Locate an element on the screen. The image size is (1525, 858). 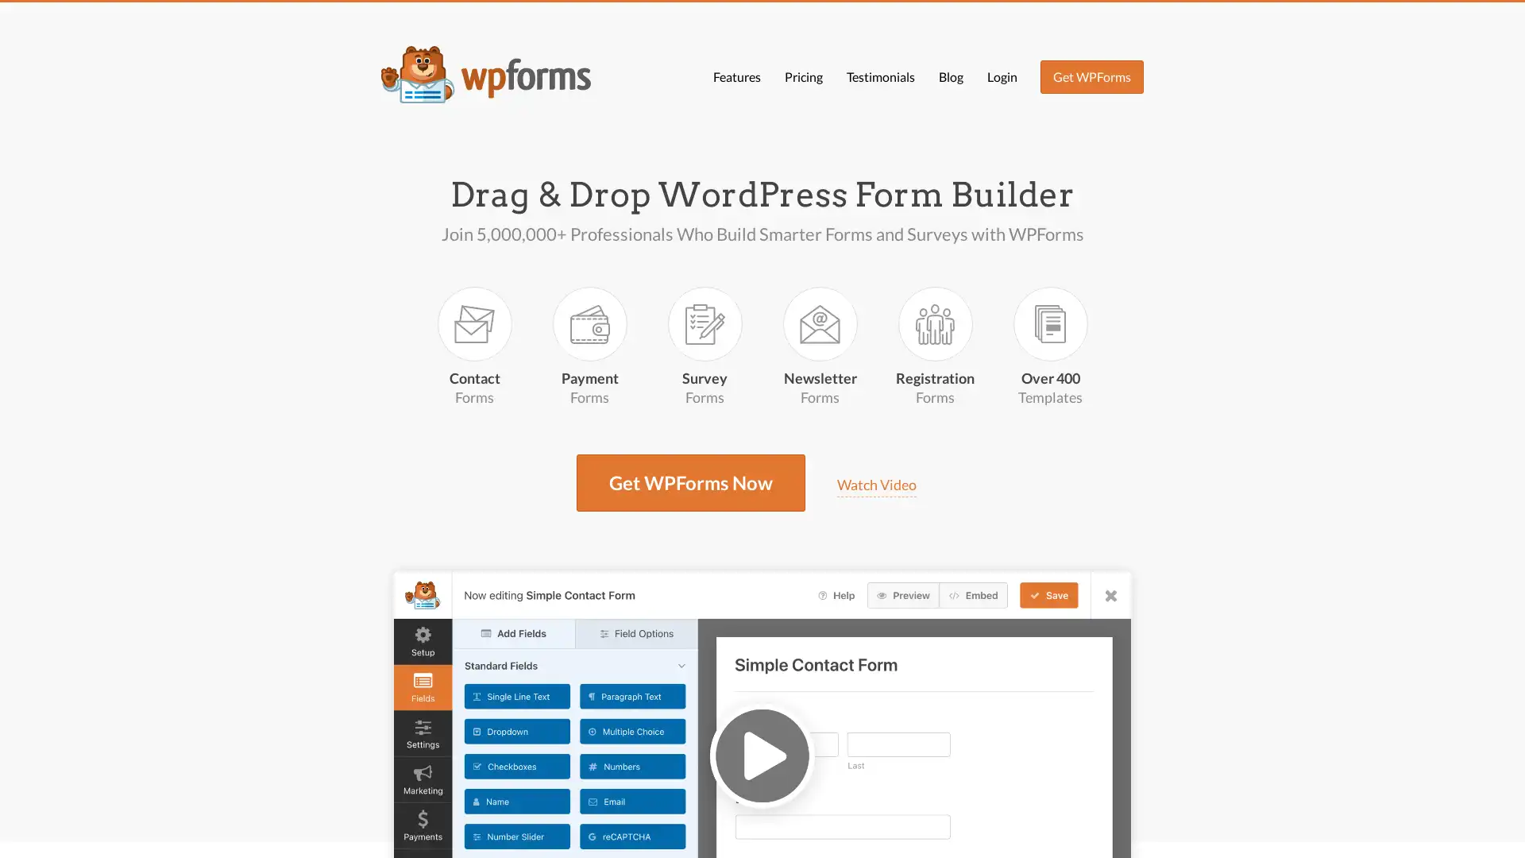
Get WPForms Now is located at coordinates (866, 829).